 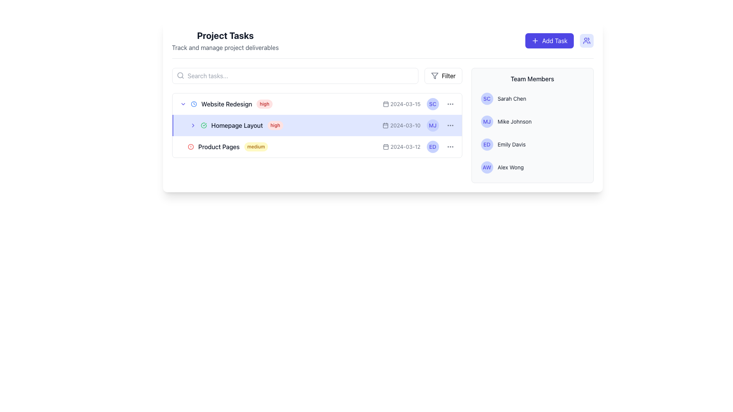 I want to click on text label 'Sarah Chen' located in the 'Team Members' section, styled in small gray font and adjacent to the 'SC' circular icon, so click(x=512, y=98).